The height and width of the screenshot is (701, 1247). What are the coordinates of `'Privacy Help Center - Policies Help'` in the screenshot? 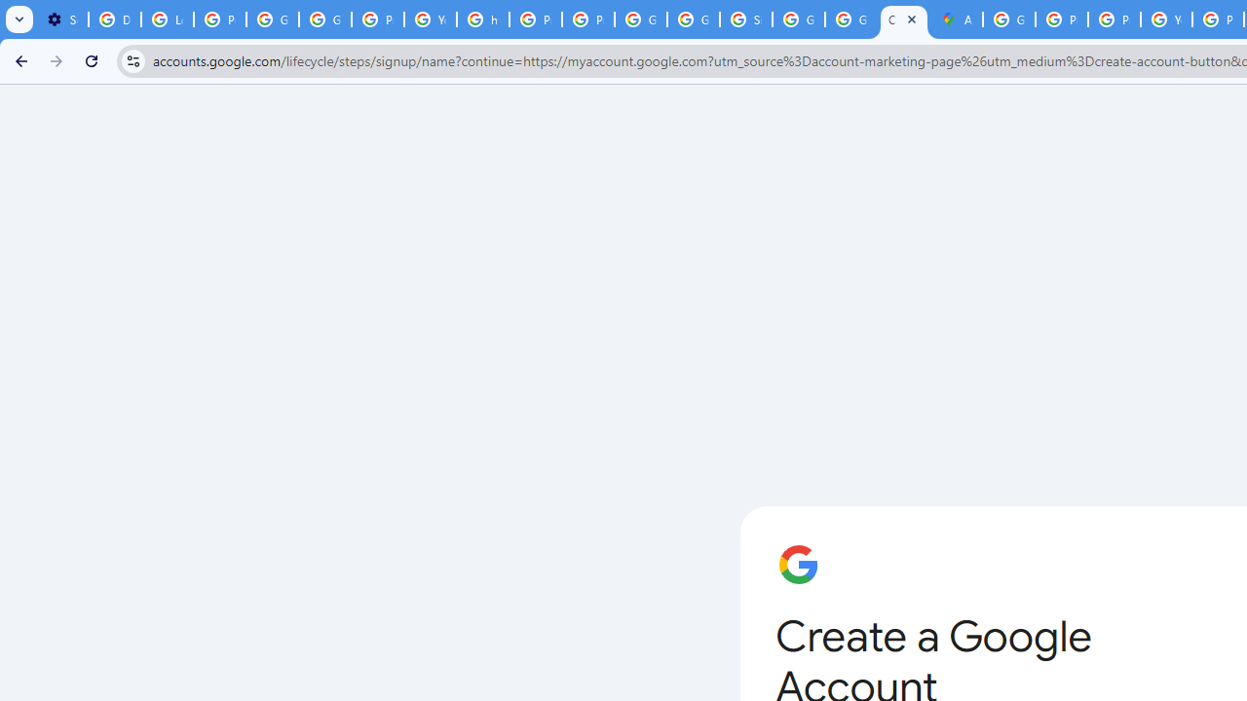 It's located at (1060, 19).